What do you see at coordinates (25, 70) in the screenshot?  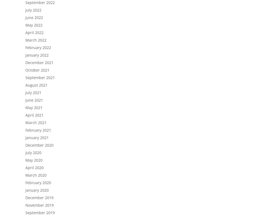 I see `'October 2021'` at bounding box center [25, 70].